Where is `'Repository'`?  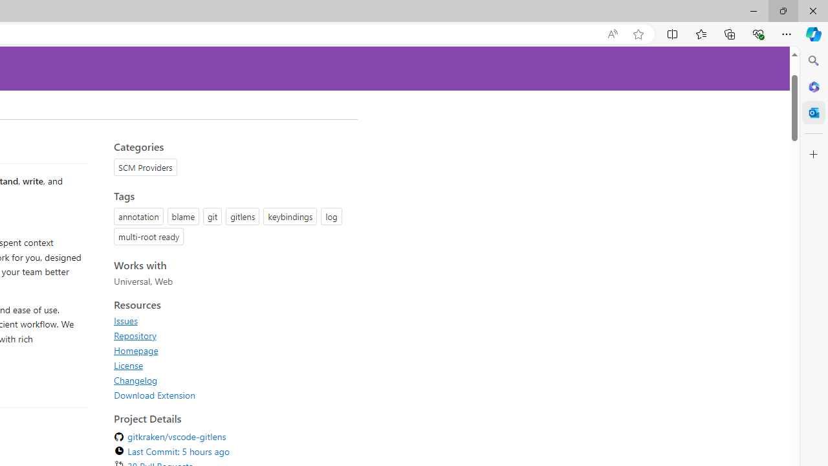
'Repository' is located at coordinates (135, 335).